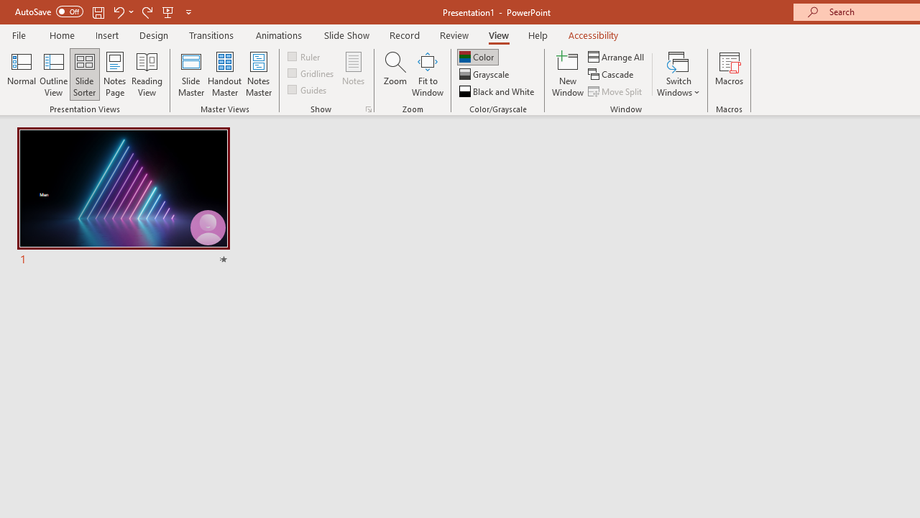  Describe the element at coordinates (53, 74) in the screenshot. I see `'Outline View'` at that location.